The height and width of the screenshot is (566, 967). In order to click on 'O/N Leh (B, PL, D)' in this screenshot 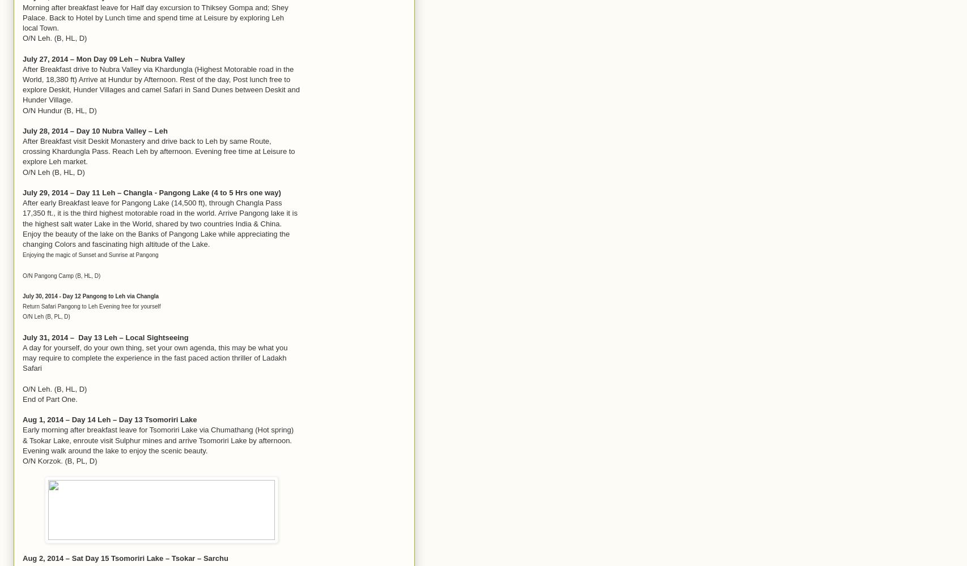, I will do `click(46, 316)`.